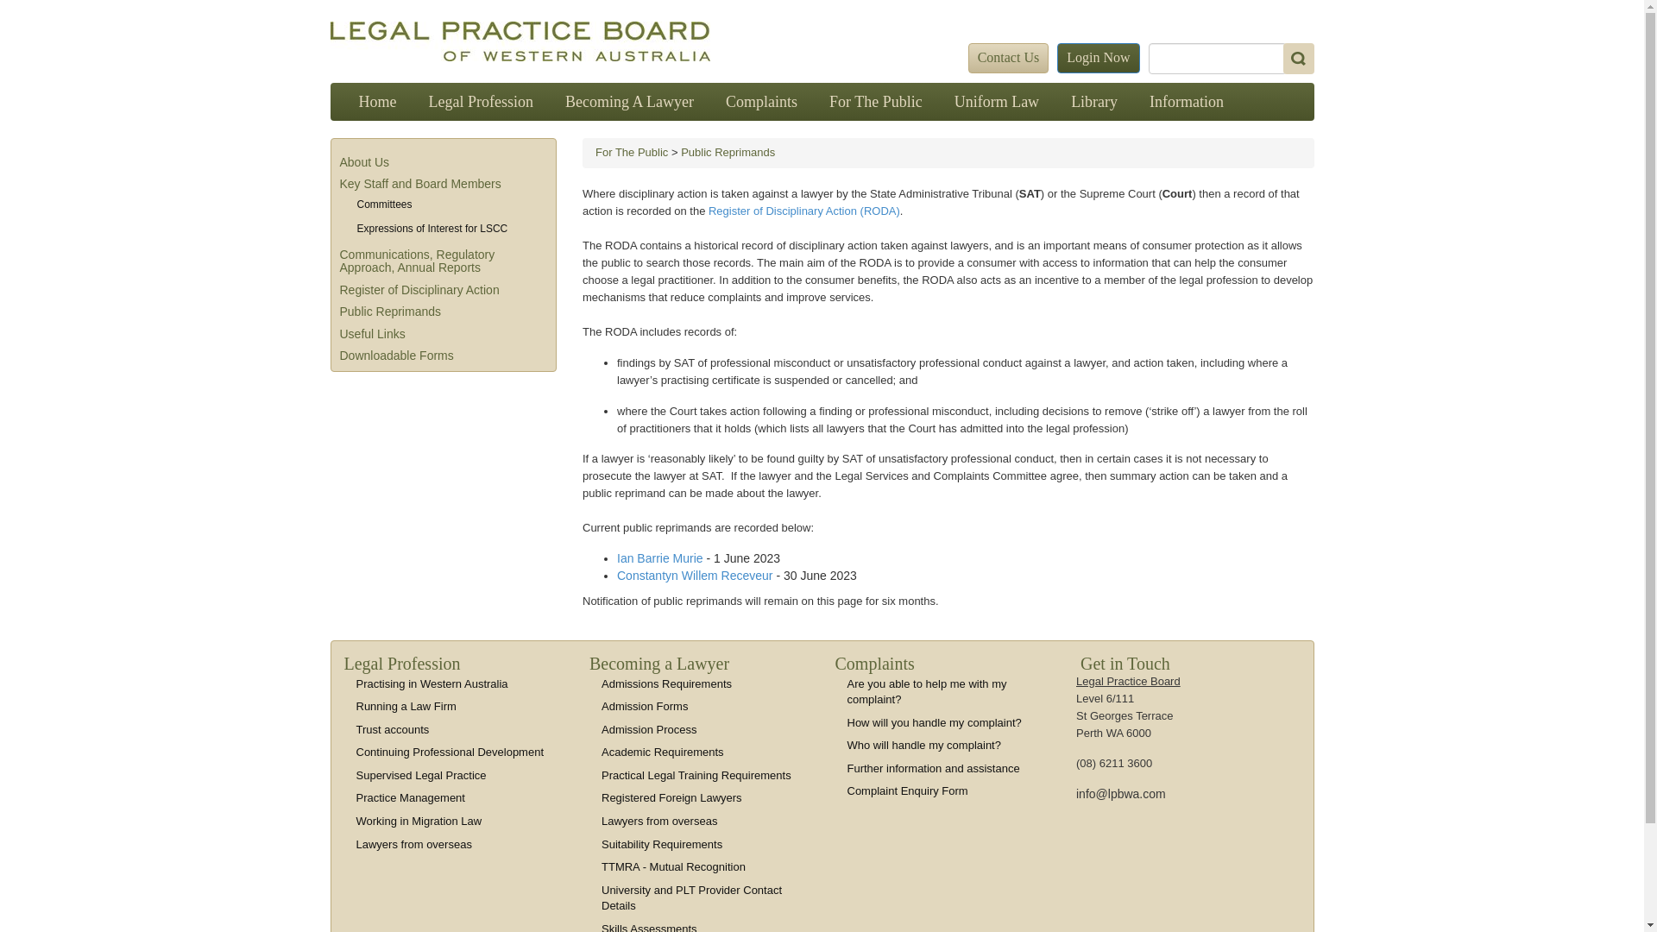 Image resolution: width=1657 pixels, height=932 pixels. What do you see at coordinates (355, 683) in the screenshot?
I see `'Practising in Western Australia'` at bounding box center [355, 683].